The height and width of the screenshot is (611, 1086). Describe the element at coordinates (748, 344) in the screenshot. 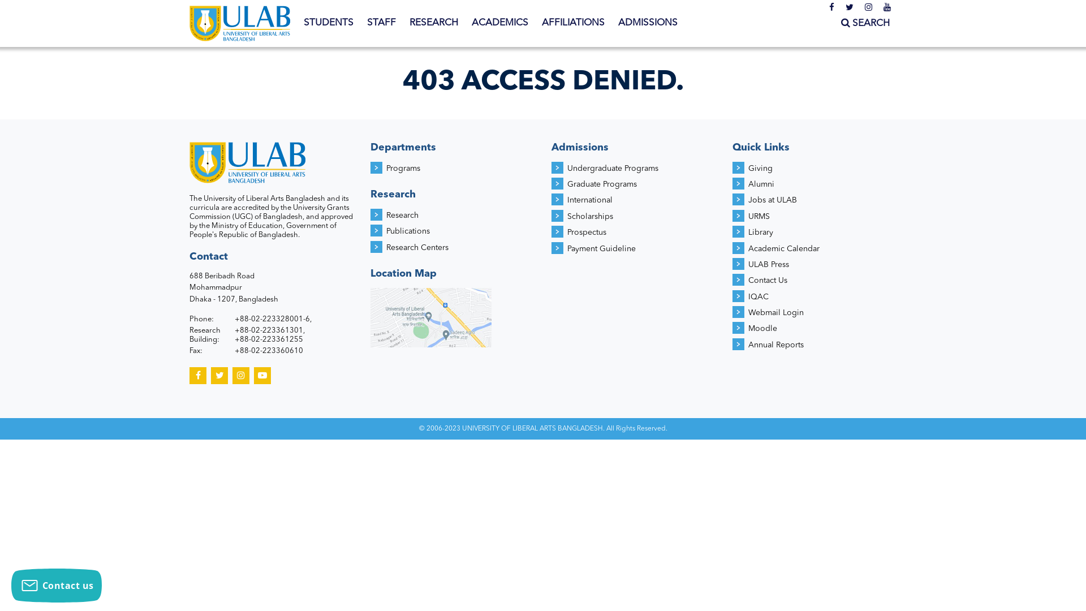

I see `'Annual Reports'` at that location.